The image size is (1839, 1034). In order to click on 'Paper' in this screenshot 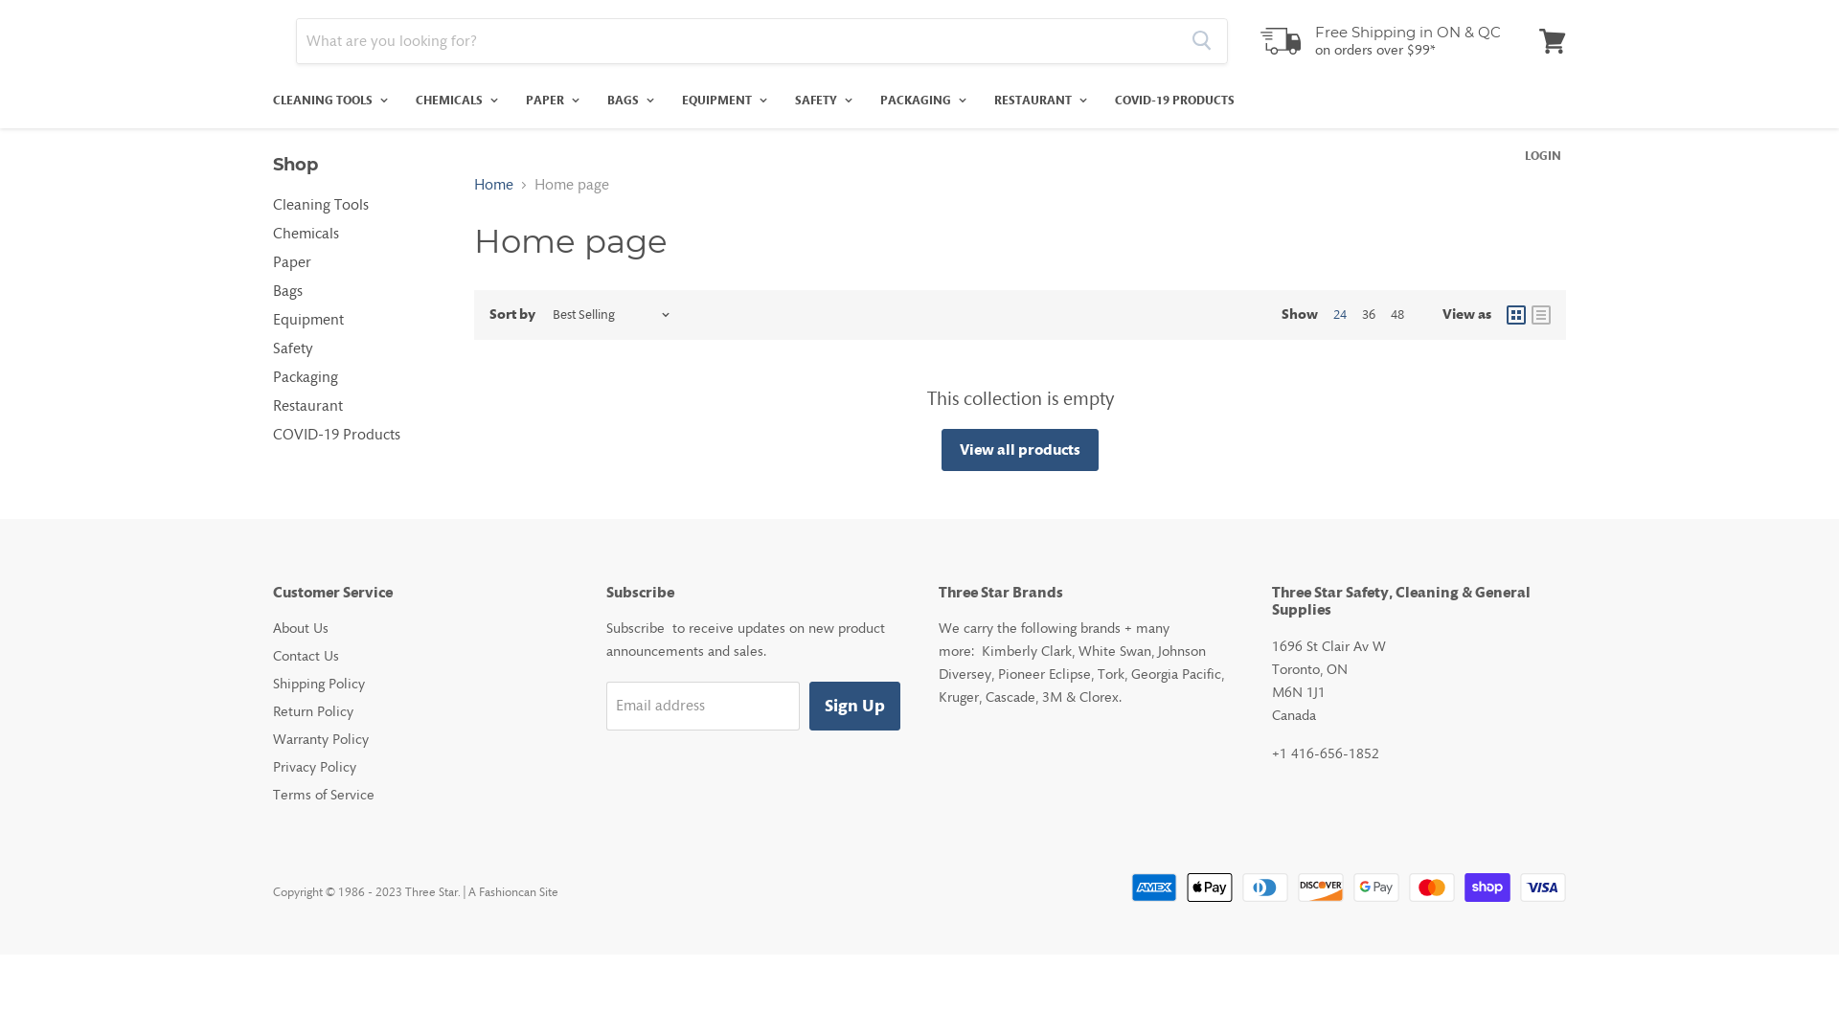, I will do `click(291, 261)`.